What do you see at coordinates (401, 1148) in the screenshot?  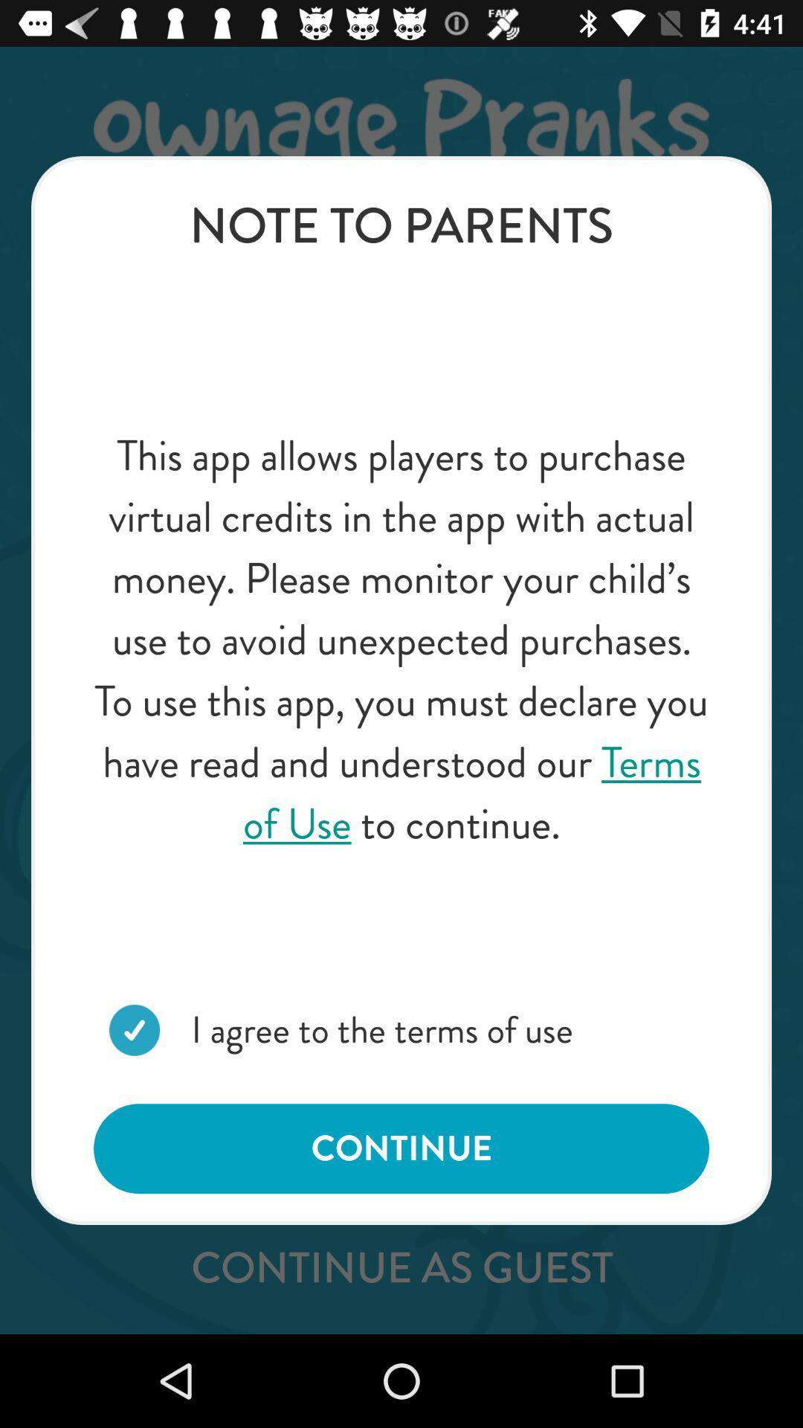 I see `continue` at bounding box center [401, 1148].